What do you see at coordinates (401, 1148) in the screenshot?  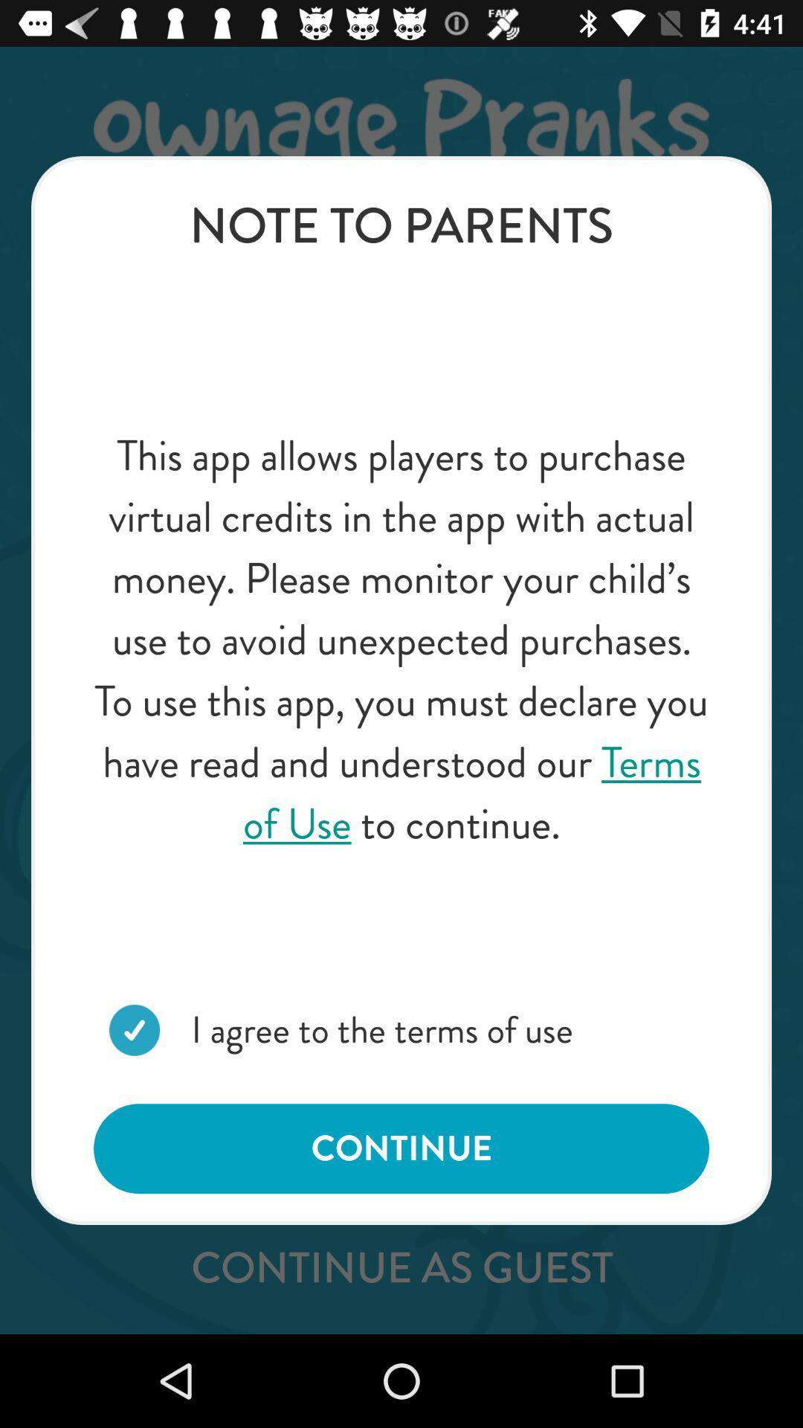 I see `continue` at bounding box center [401, 1148].